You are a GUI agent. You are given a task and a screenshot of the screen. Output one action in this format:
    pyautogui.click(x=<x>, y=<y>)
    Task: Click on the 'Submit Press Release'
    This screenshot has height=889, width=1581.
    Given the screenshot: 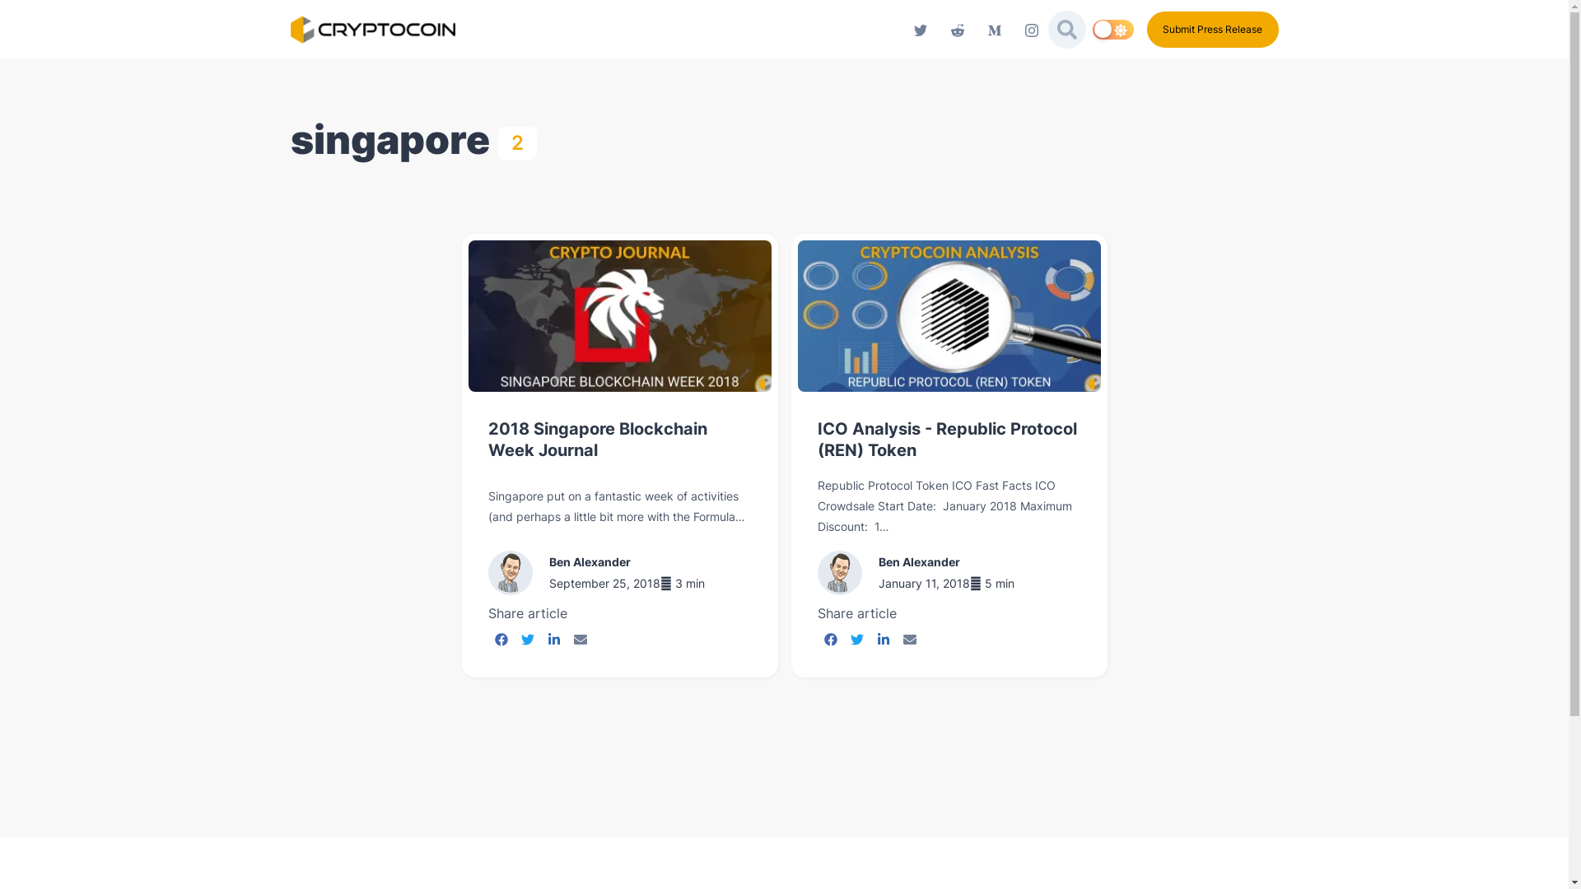 What is the action you would take?
    pyautogui.click(x=1145, y=28)
    